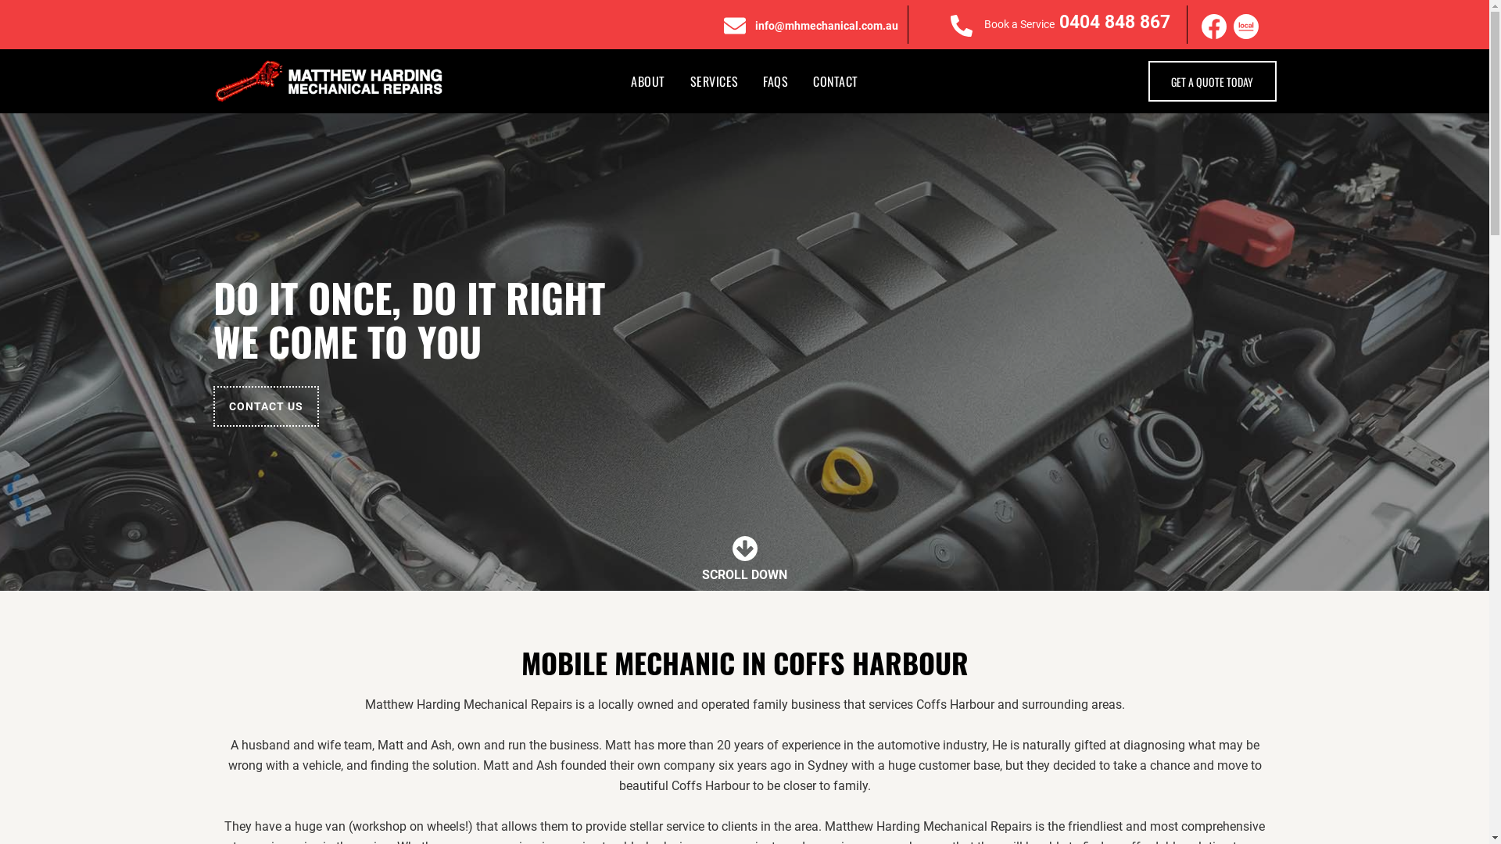 This screenshot has height=844, width=1501. I want to click on 'Find Us On Facebook', so click(1213, 27).